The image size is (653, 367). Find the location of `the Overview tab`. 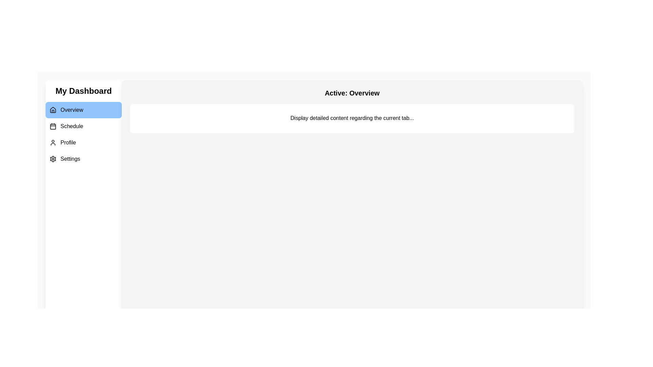

the Overview tab is located at coordinates (83, 110).